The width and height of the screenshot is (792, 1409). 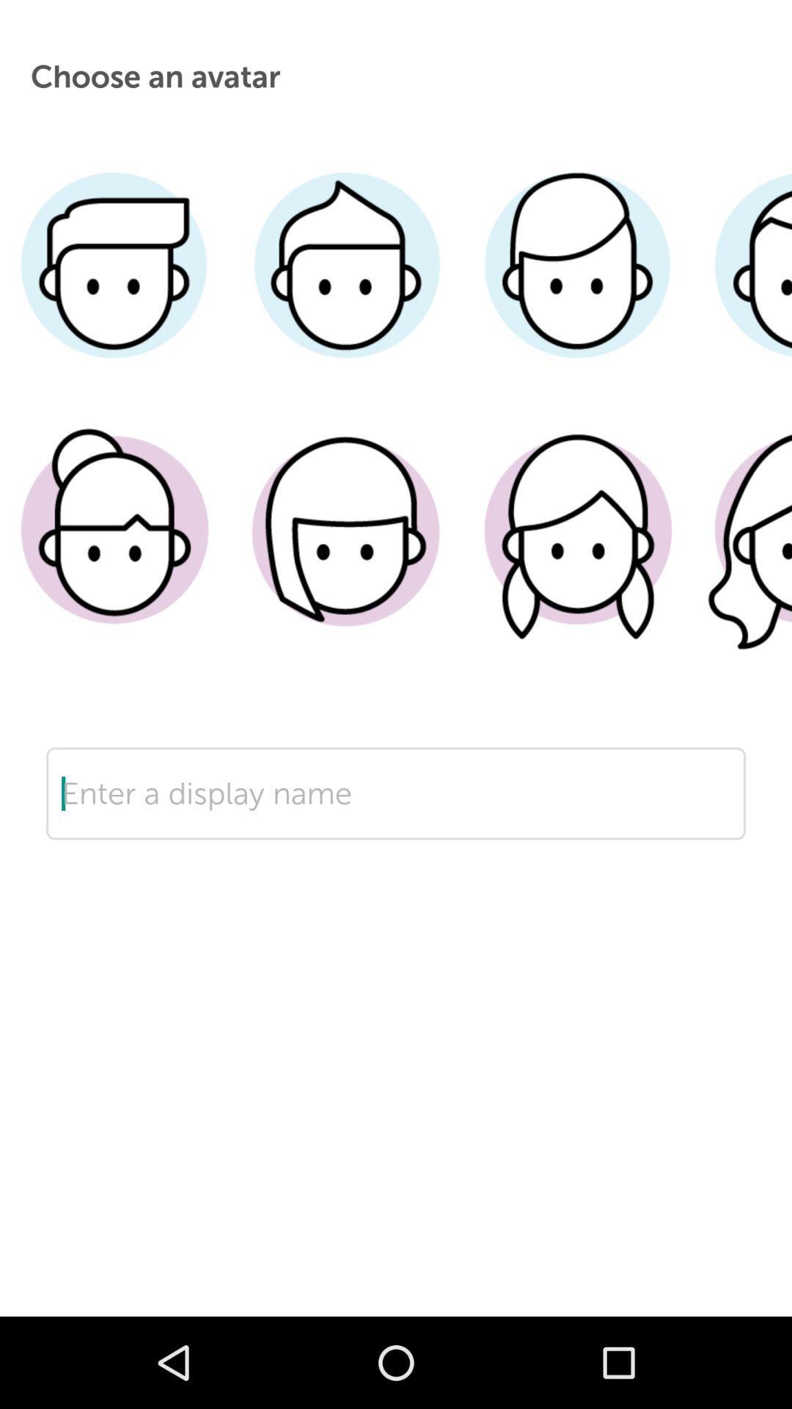 What do you see at coordinates (396, 840) in the screenshot?
I see `place to enter display name` at bounding box center [396, 840].